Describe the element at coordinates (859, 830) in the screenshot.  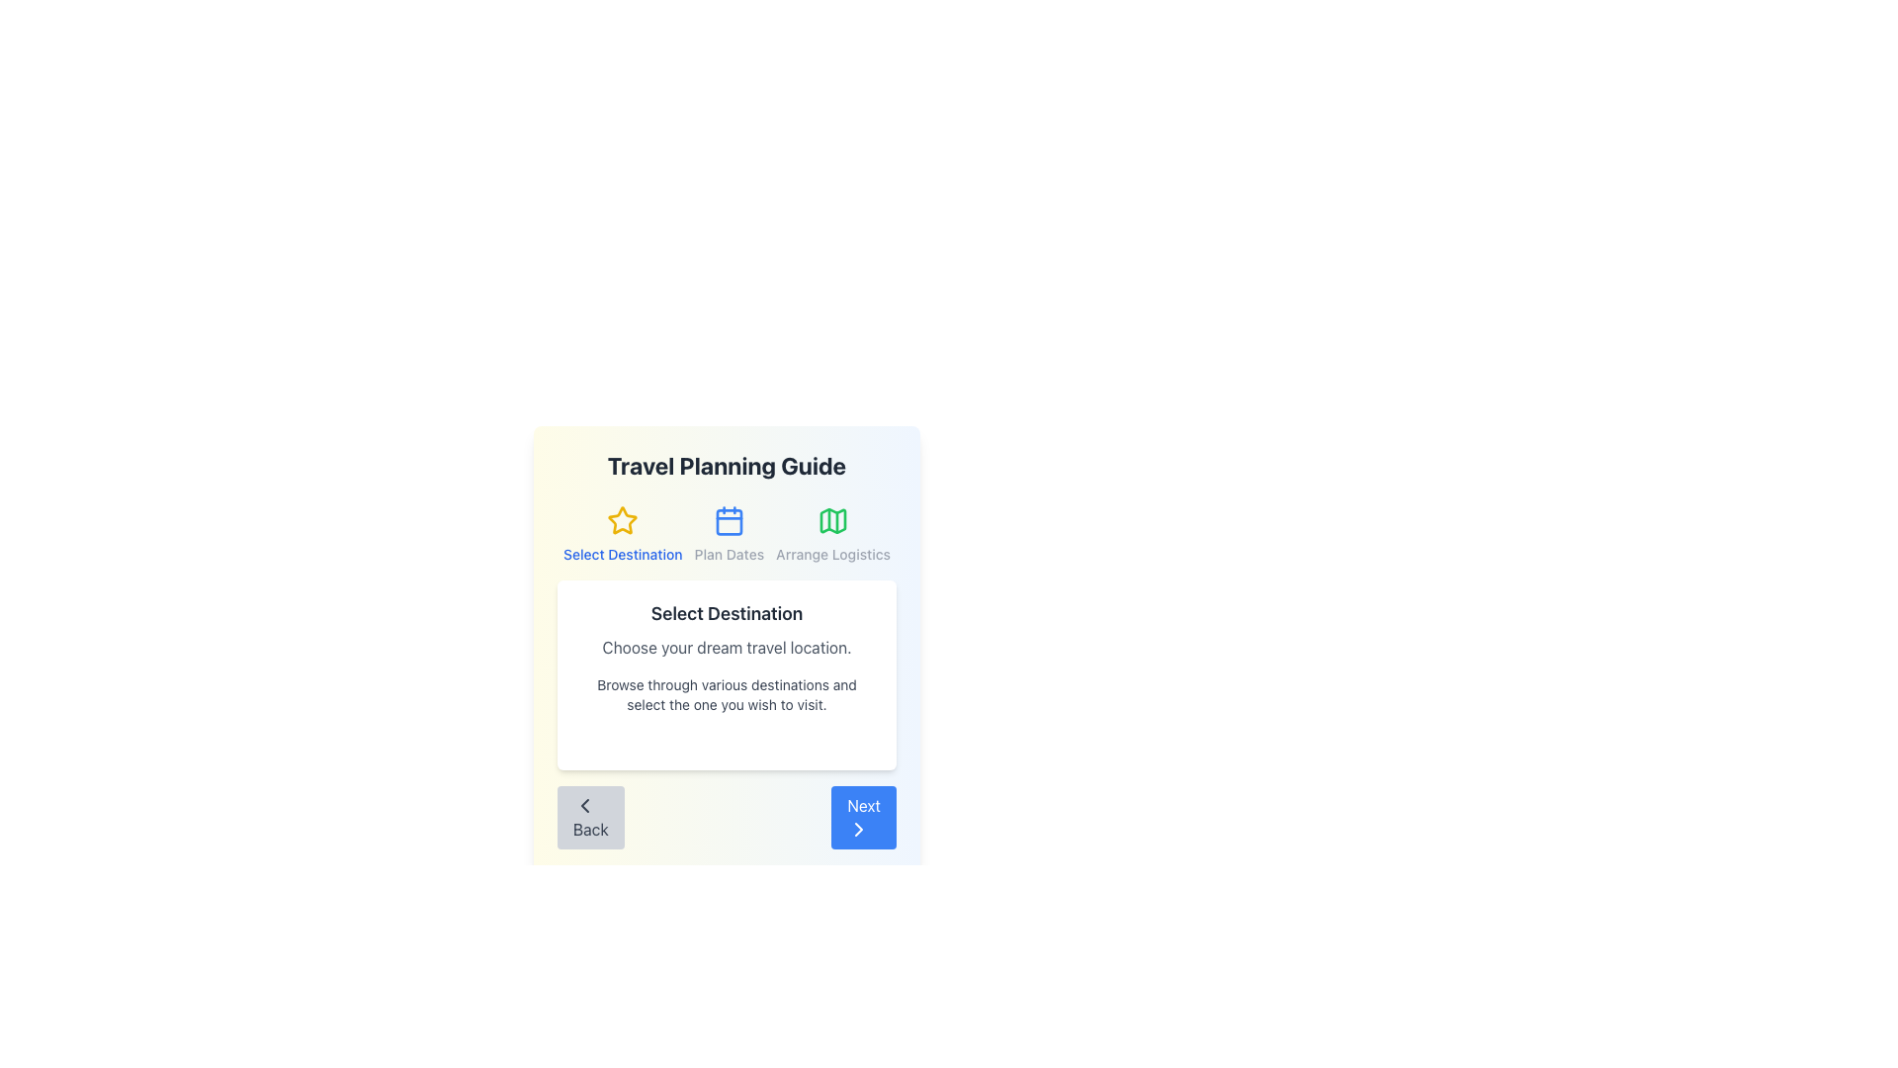
I see `the directional chevron icon pointing right, which is located inside the 'Next' button in the bottom-right corner of the interface` at that location.